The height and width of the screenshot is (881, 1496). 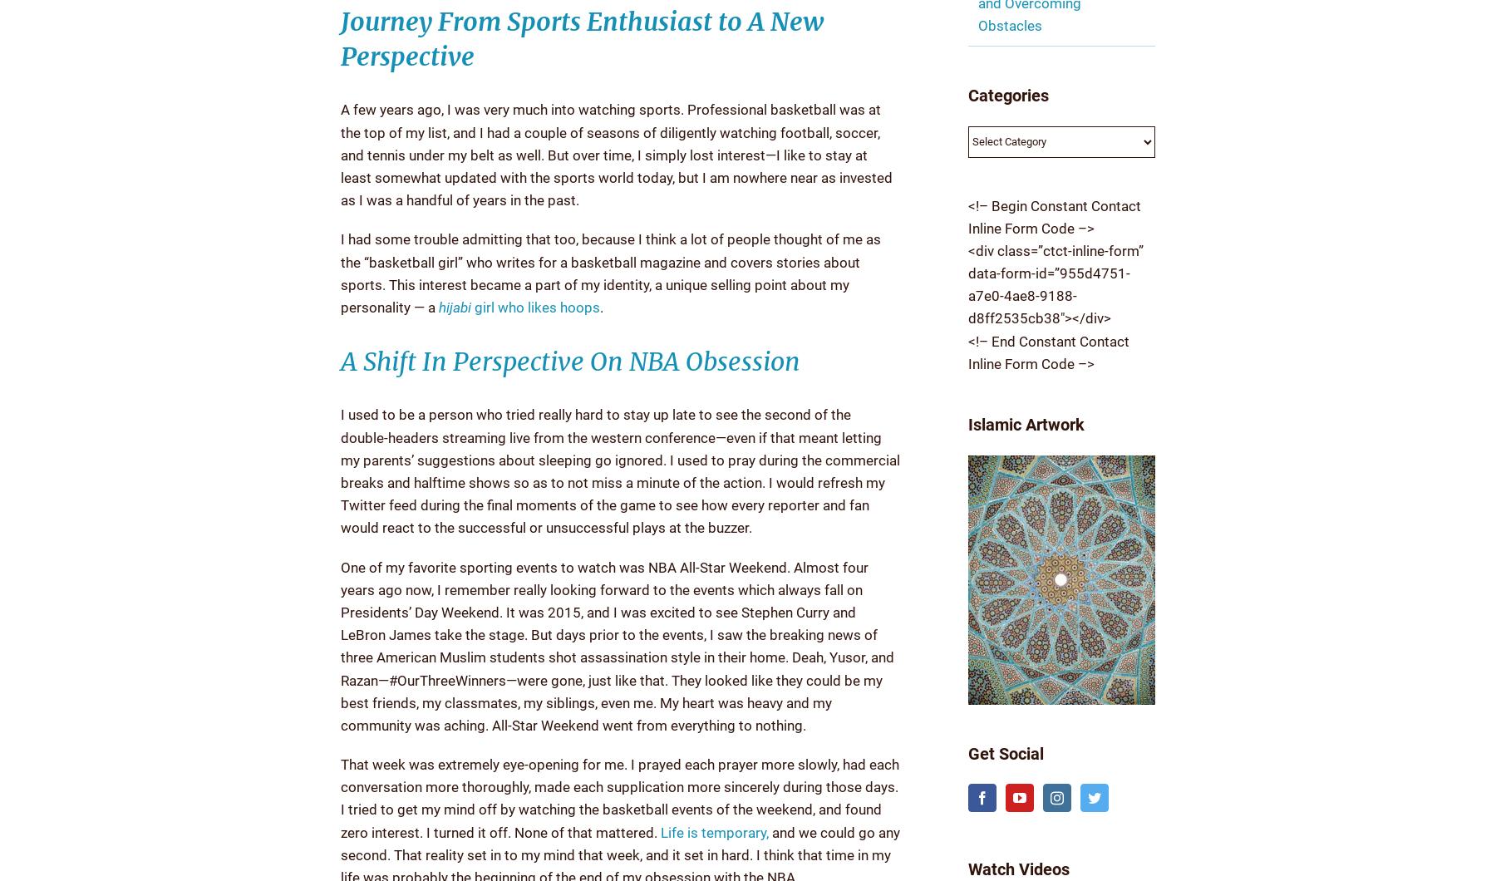 What do you see at coordinates (1053, 215) in the screenshot?
I see `'<!– Begin Constant Contact Inline Form Code –>'` at bounding box center [1053, 215].